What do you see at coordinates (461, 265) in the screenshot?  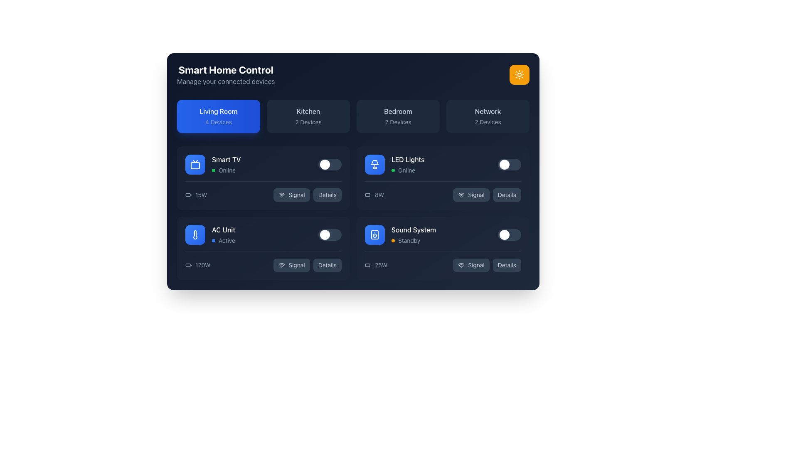 I see `the 'Signal' button which contains the Wi-Fi icon` at bounding box center [461, 265].